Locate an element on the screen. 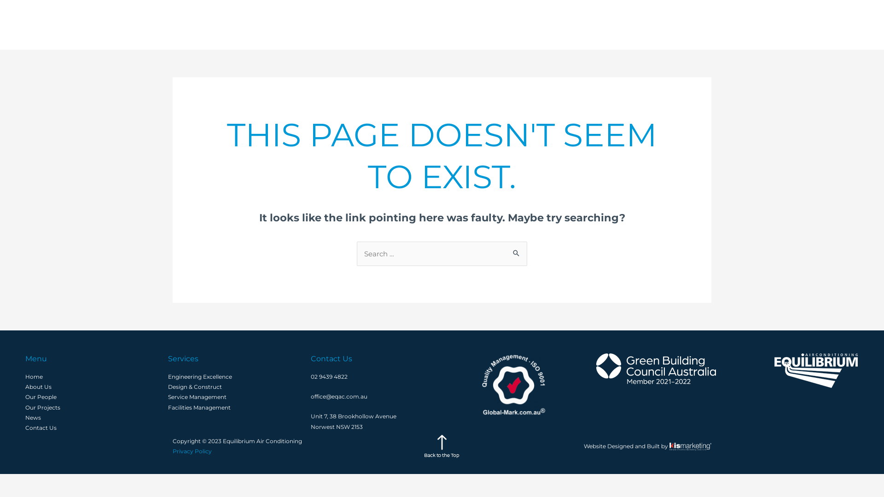  'Engineering Excellence' is located at coordinates (199, 376).